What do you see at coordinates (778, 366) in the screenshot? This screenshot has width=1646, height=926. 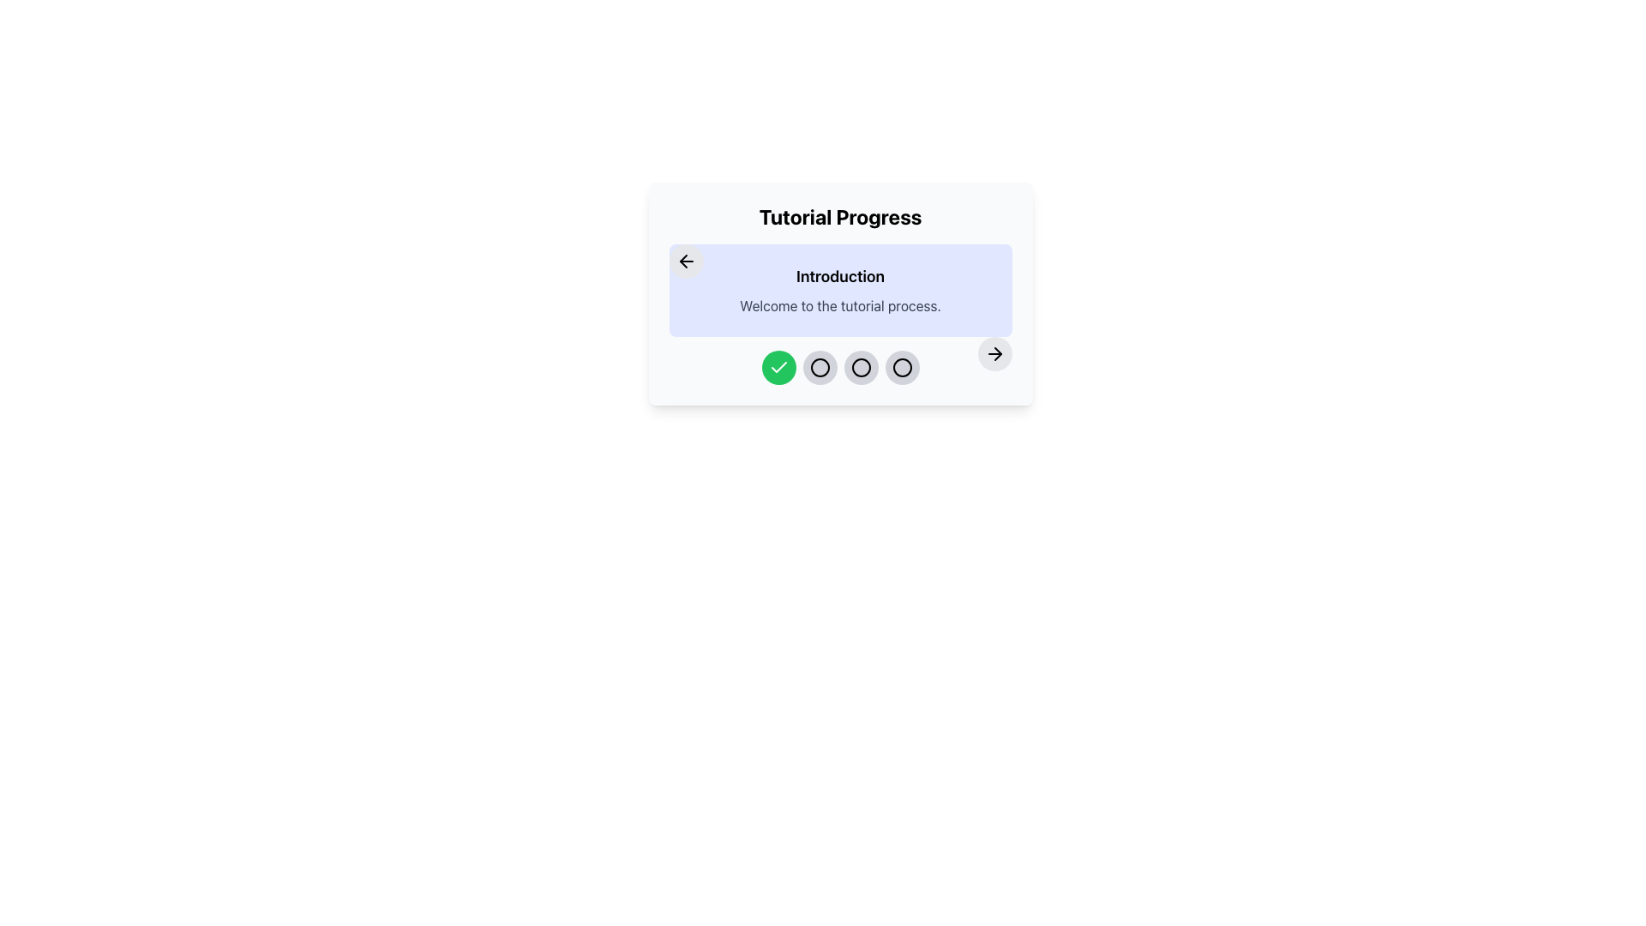 I see `the checkmark icon, which is styled with a green circle background and a white tick mark, from the center of the first circular icon in the row of circular icons at the bottom of the 'Tutorial Progress' card` at bounding box center [778, 366].